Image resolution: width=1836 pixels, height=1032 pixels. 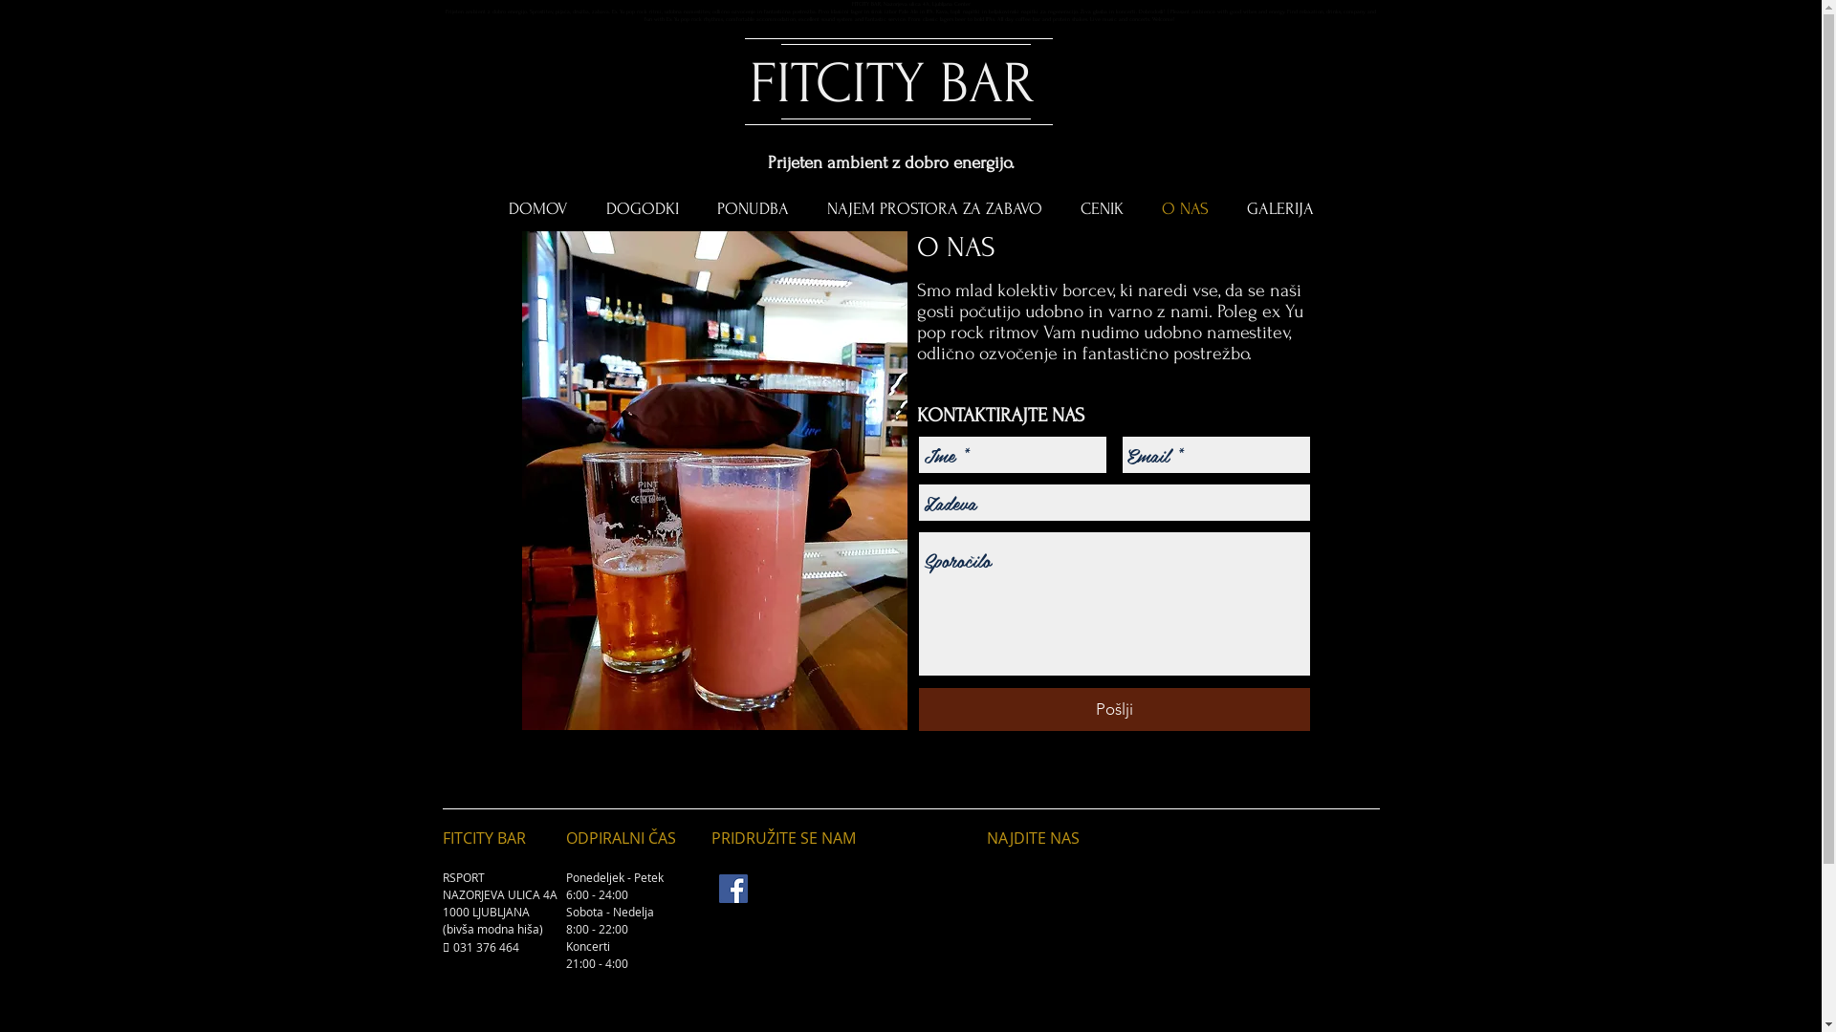 What do you see at coordinates (889, 161) in the screenshot?
I see `'Prijeten ambient z dobro energijo.'` at bounding box center [889, 161].